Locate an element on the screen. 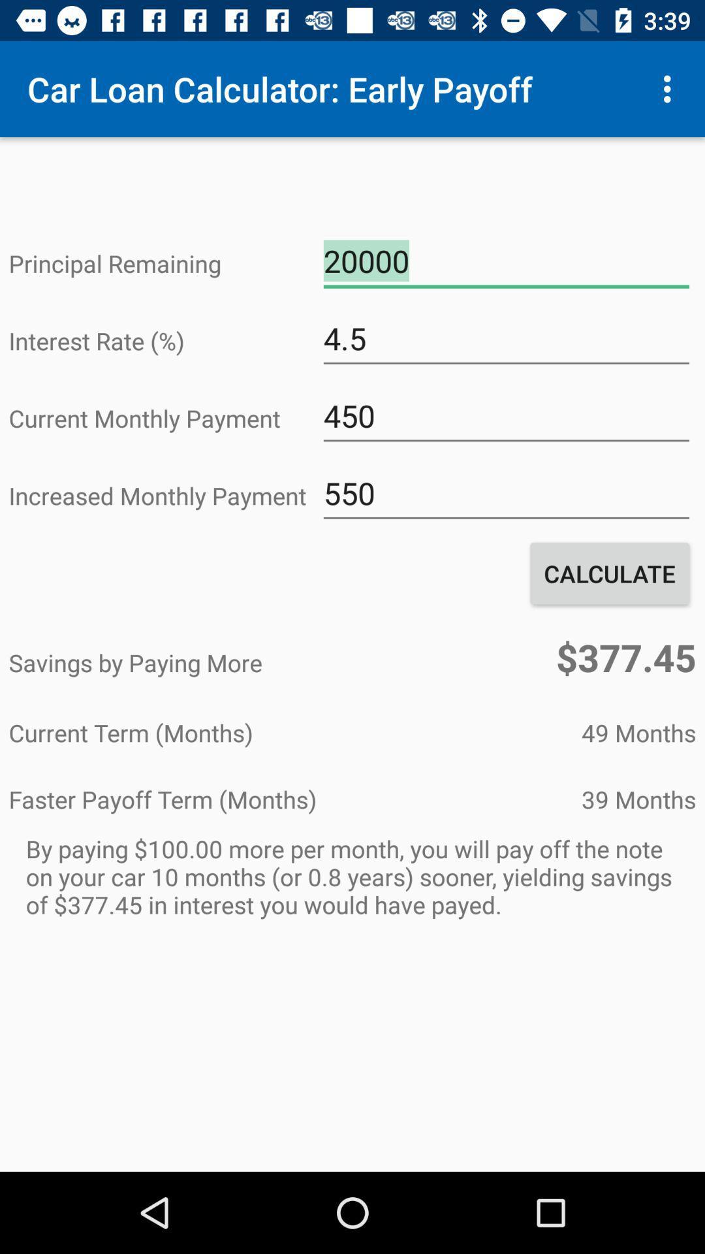  the item to the right of car loan calculator item is located at coordinates (670, 88).